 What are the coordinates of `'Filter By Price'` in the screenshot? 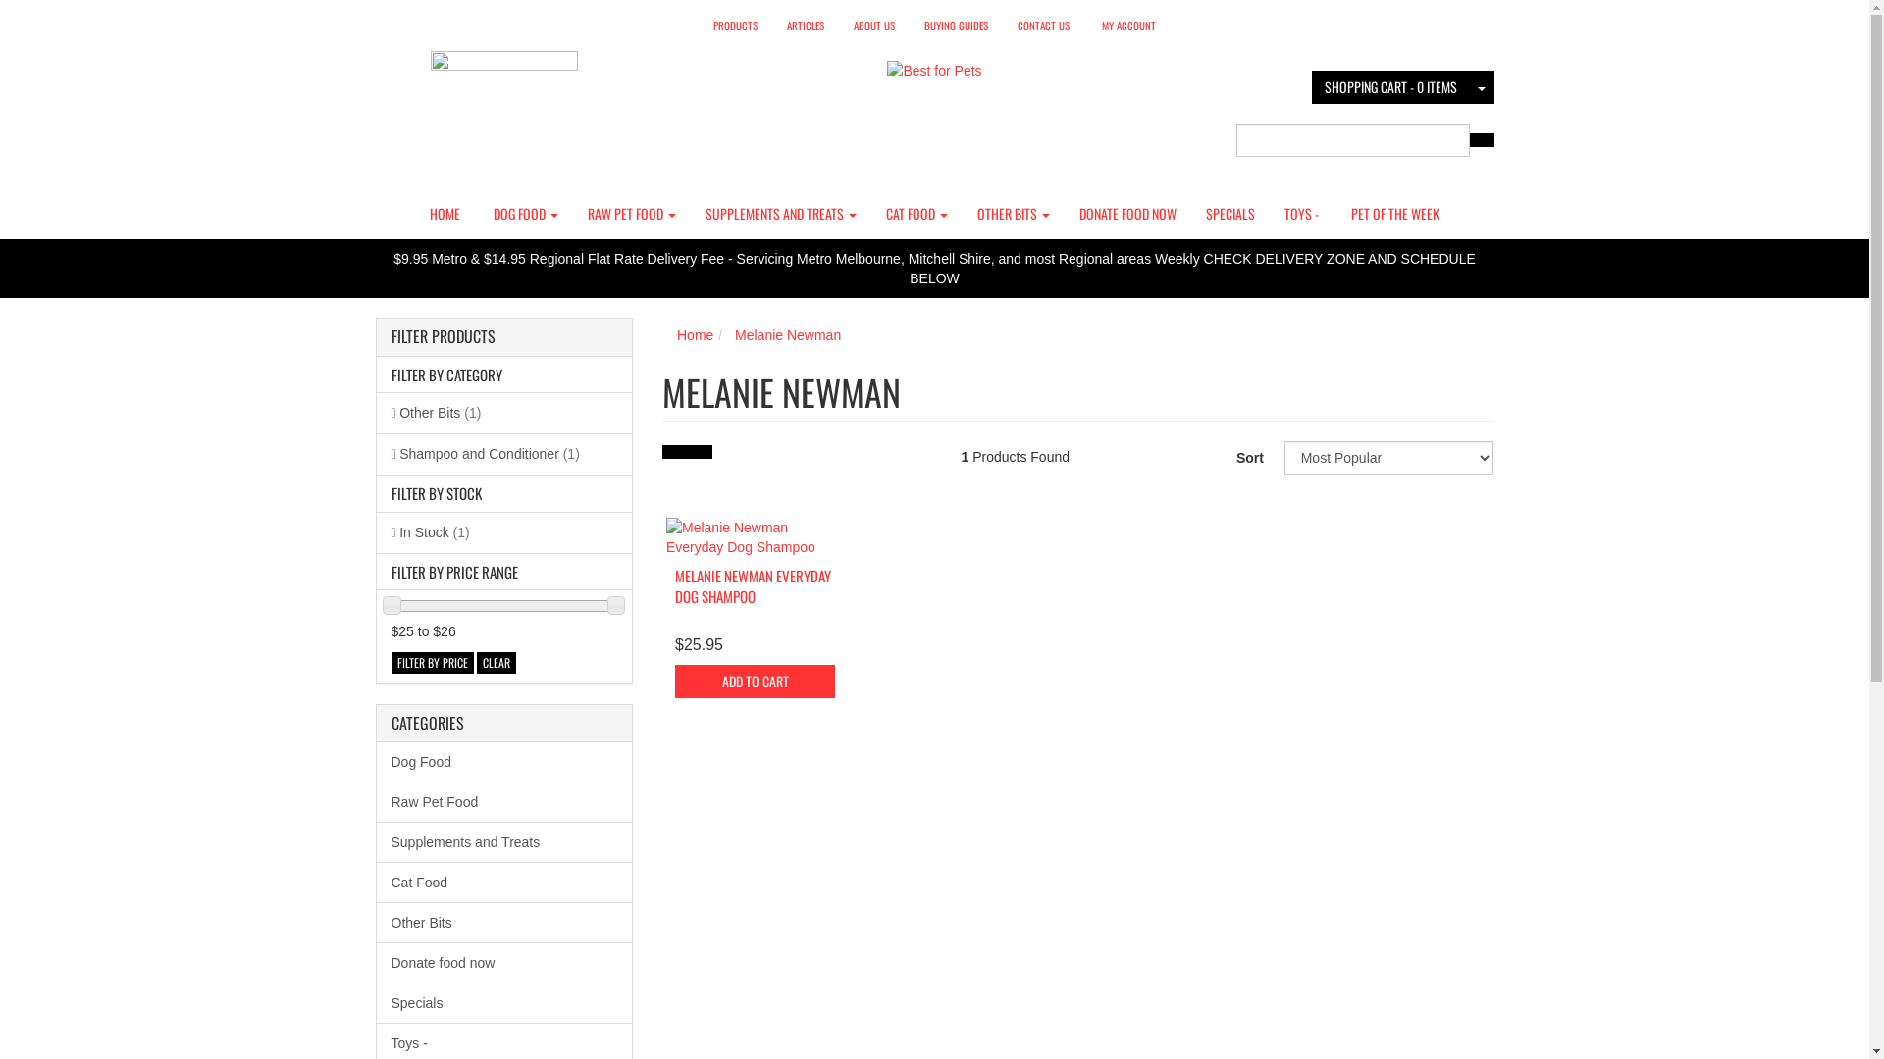 It's located at (391, 662).